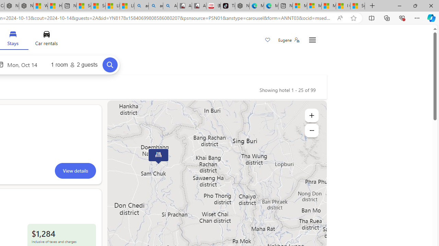 The height and width of the screenshot is (246, 439). I want to click on 'Amazon Echo Robot - Search Images', so click(170, 6).